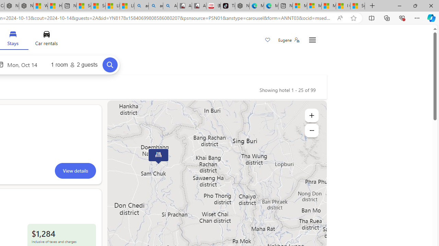 The height and width of the screenshot is (246, 439). I want to click on 'Amazon Echo Robot - Search Images', so click(170, 6).